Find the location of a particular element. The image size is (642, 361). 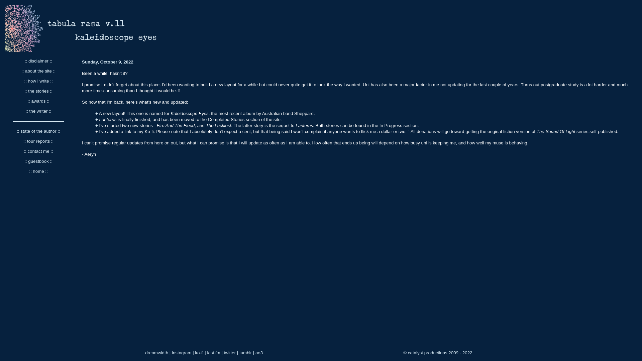

':: state of the author ::' is located at coordinates (16, 131).